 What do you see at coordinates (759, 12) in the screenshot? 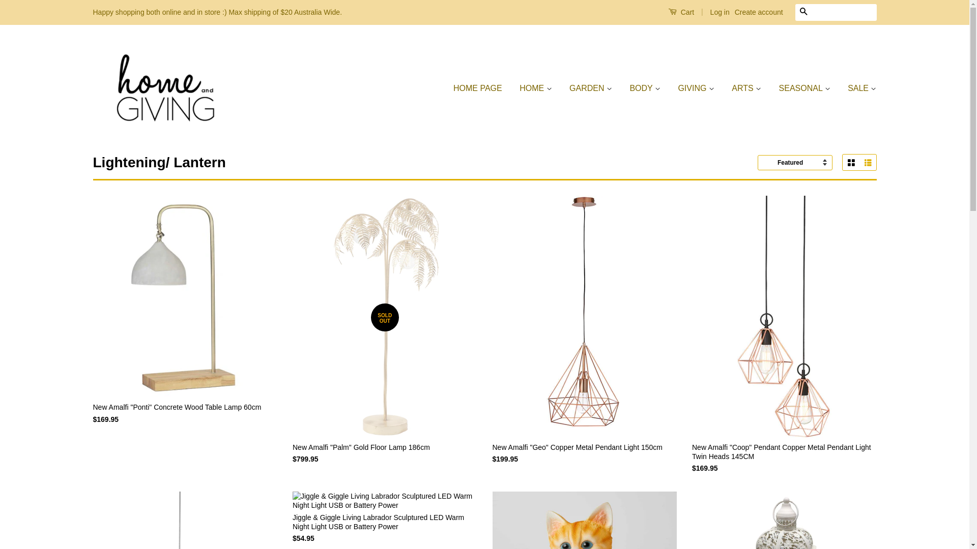
I see `'Create account'` at bounding box center [759, 12].